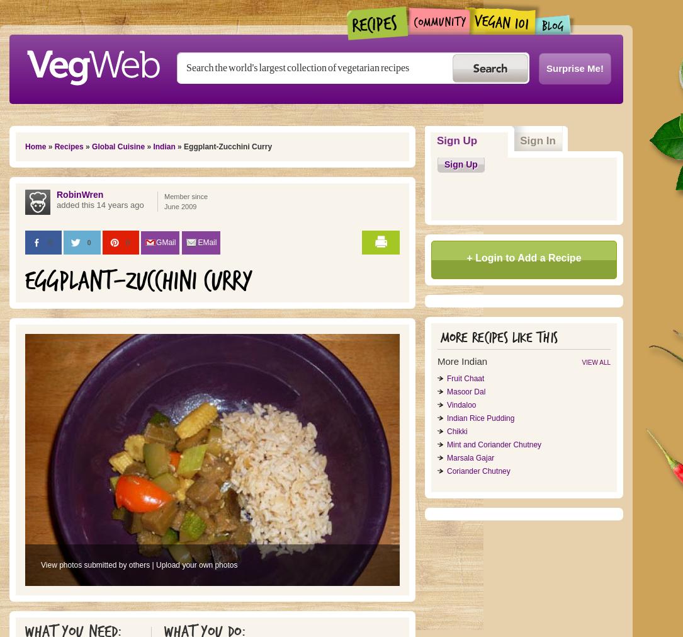  I want to click on 'Home', so click(25, 147).